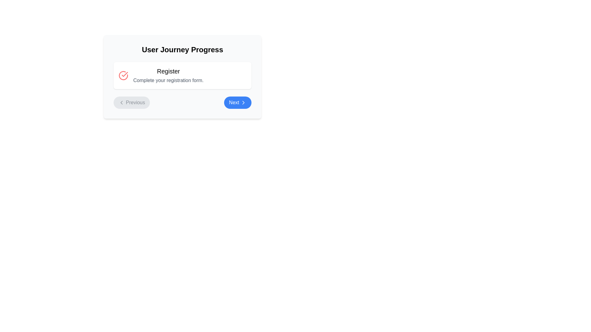 The image size is (591, 332). I want to click on the 'Previous' button, which has a gray background and a left-pointing chevron, so click(131, 102).